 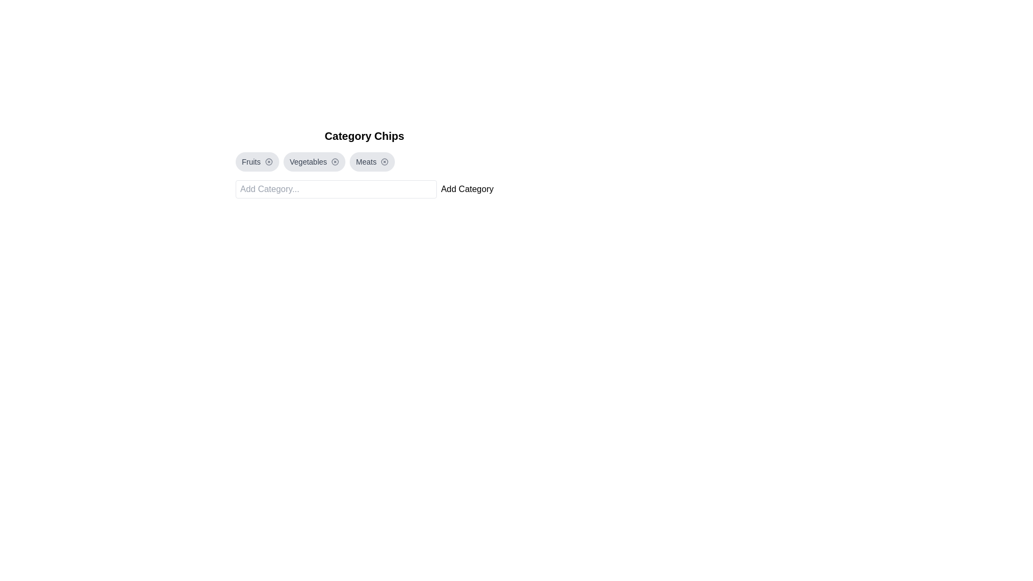 What do you see at coordinates (335, 188) in the screenshot?
I see `the input box to focus on it` at bounding box center [335, 188].